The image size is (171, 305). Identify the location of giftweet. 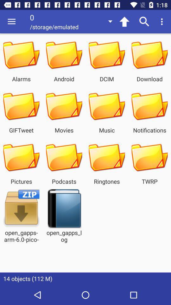
(21, 106).